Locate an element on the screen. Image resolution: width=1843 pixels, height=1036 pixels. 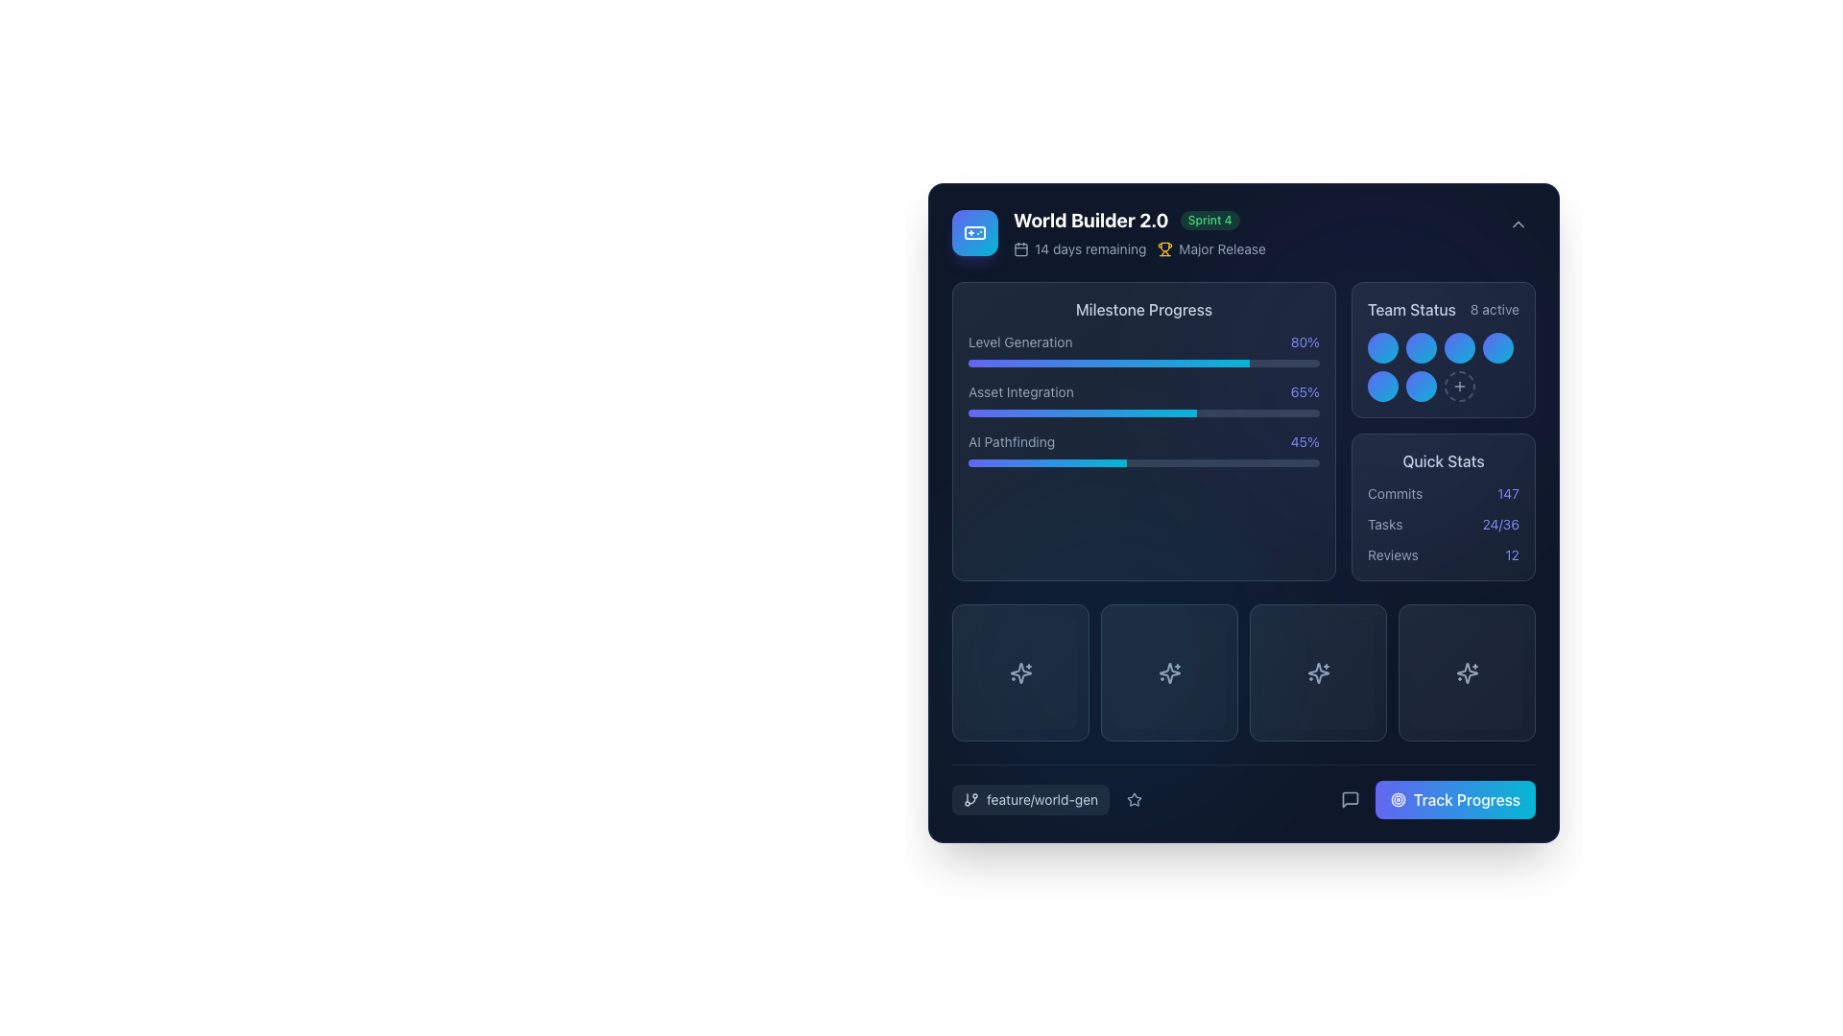
the small circular status indicator colored with a gradient from indigo to cyan located is located at coordinates (1443, 350).